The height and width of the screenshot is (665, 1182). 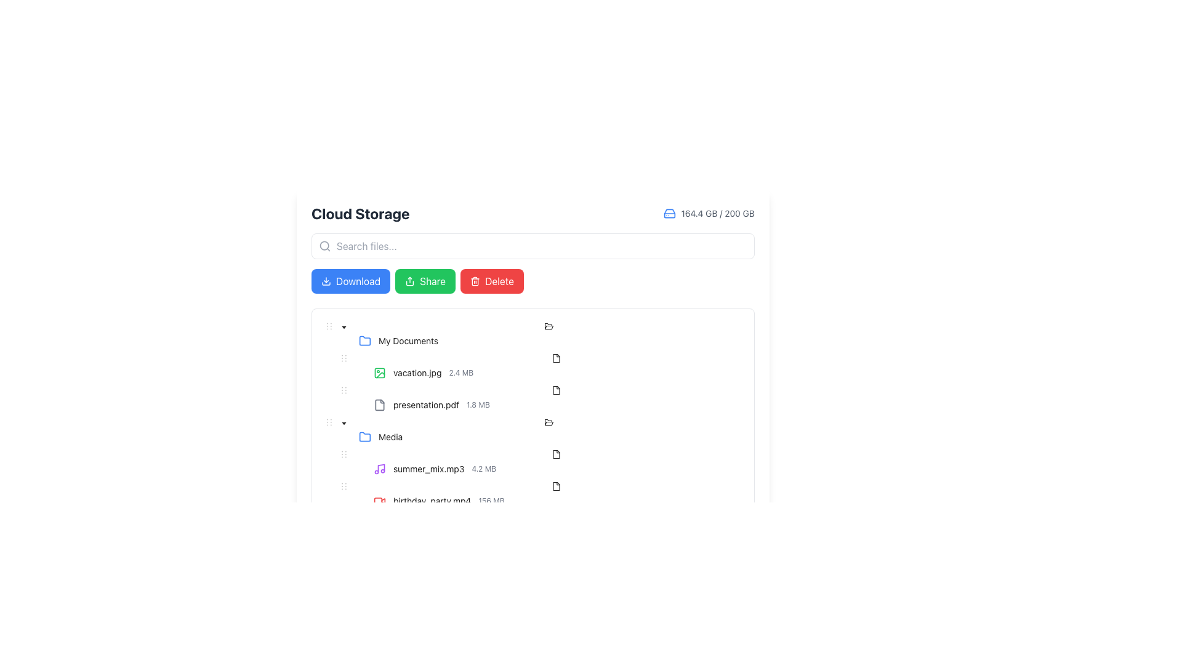 What do you see at coordinates (417, 372) in the screenshot?
I see `the filename text label that indicates the name of a file in the Cloud Storage interface` at bounding box center [417, 372].